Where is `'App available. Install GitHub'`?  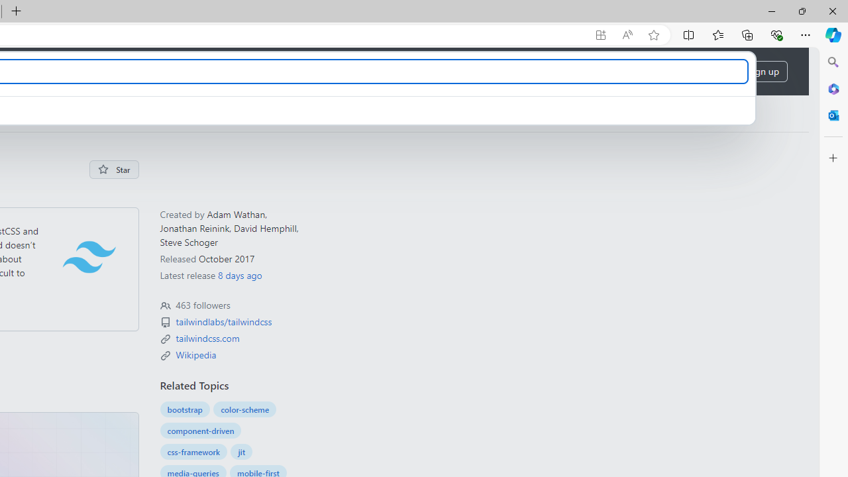
'App available. Install GitHub' is located at coordinates (600, 34).